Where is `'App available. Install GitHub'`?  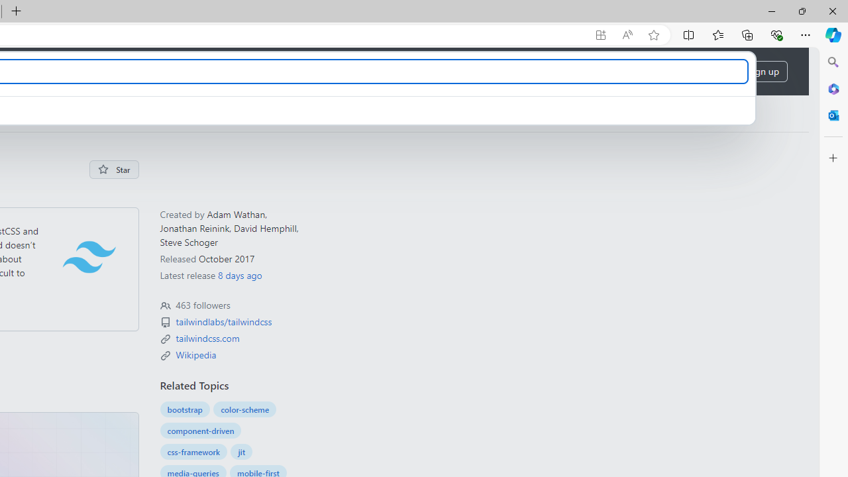
'App available. Install GitHub' is located at coordinates (600, 34).